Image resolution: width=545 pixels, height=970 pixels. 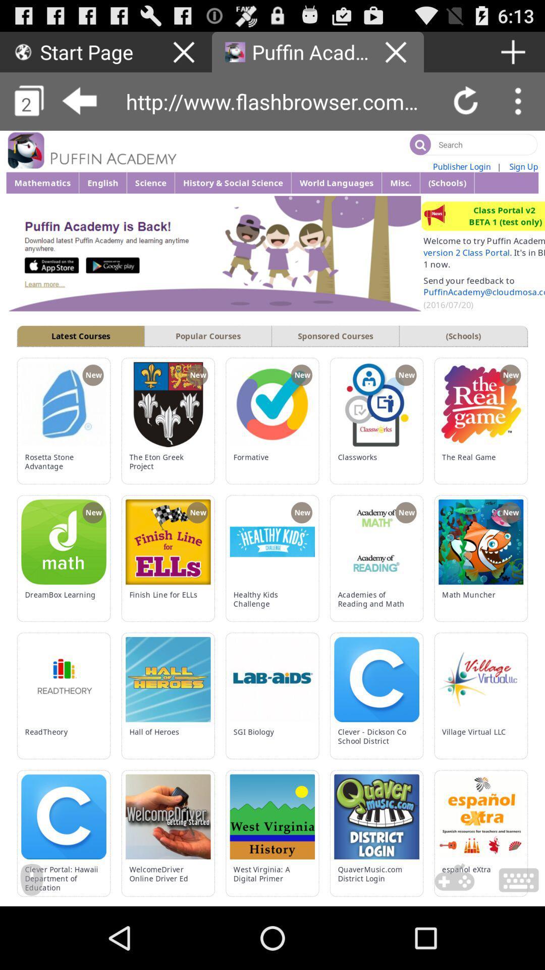 I want to click on the arrow_backward icon, so click(x=79, y=109).